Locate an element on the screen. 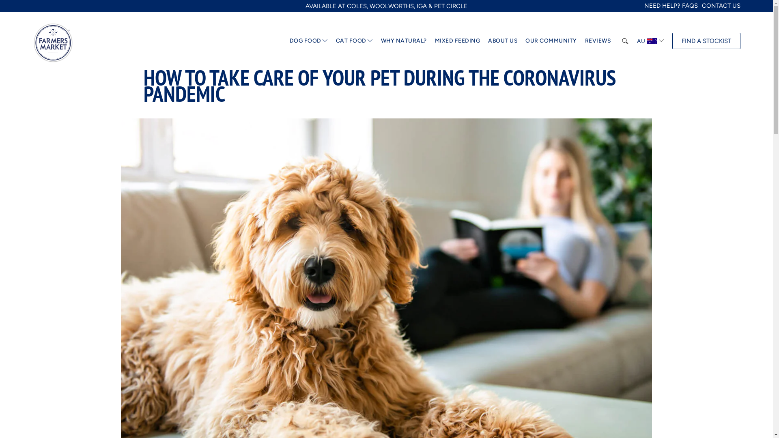 The height and width of the screenshot is (438, 779). 'FIND A STOCKIST' is located at coordinates (706, 41).